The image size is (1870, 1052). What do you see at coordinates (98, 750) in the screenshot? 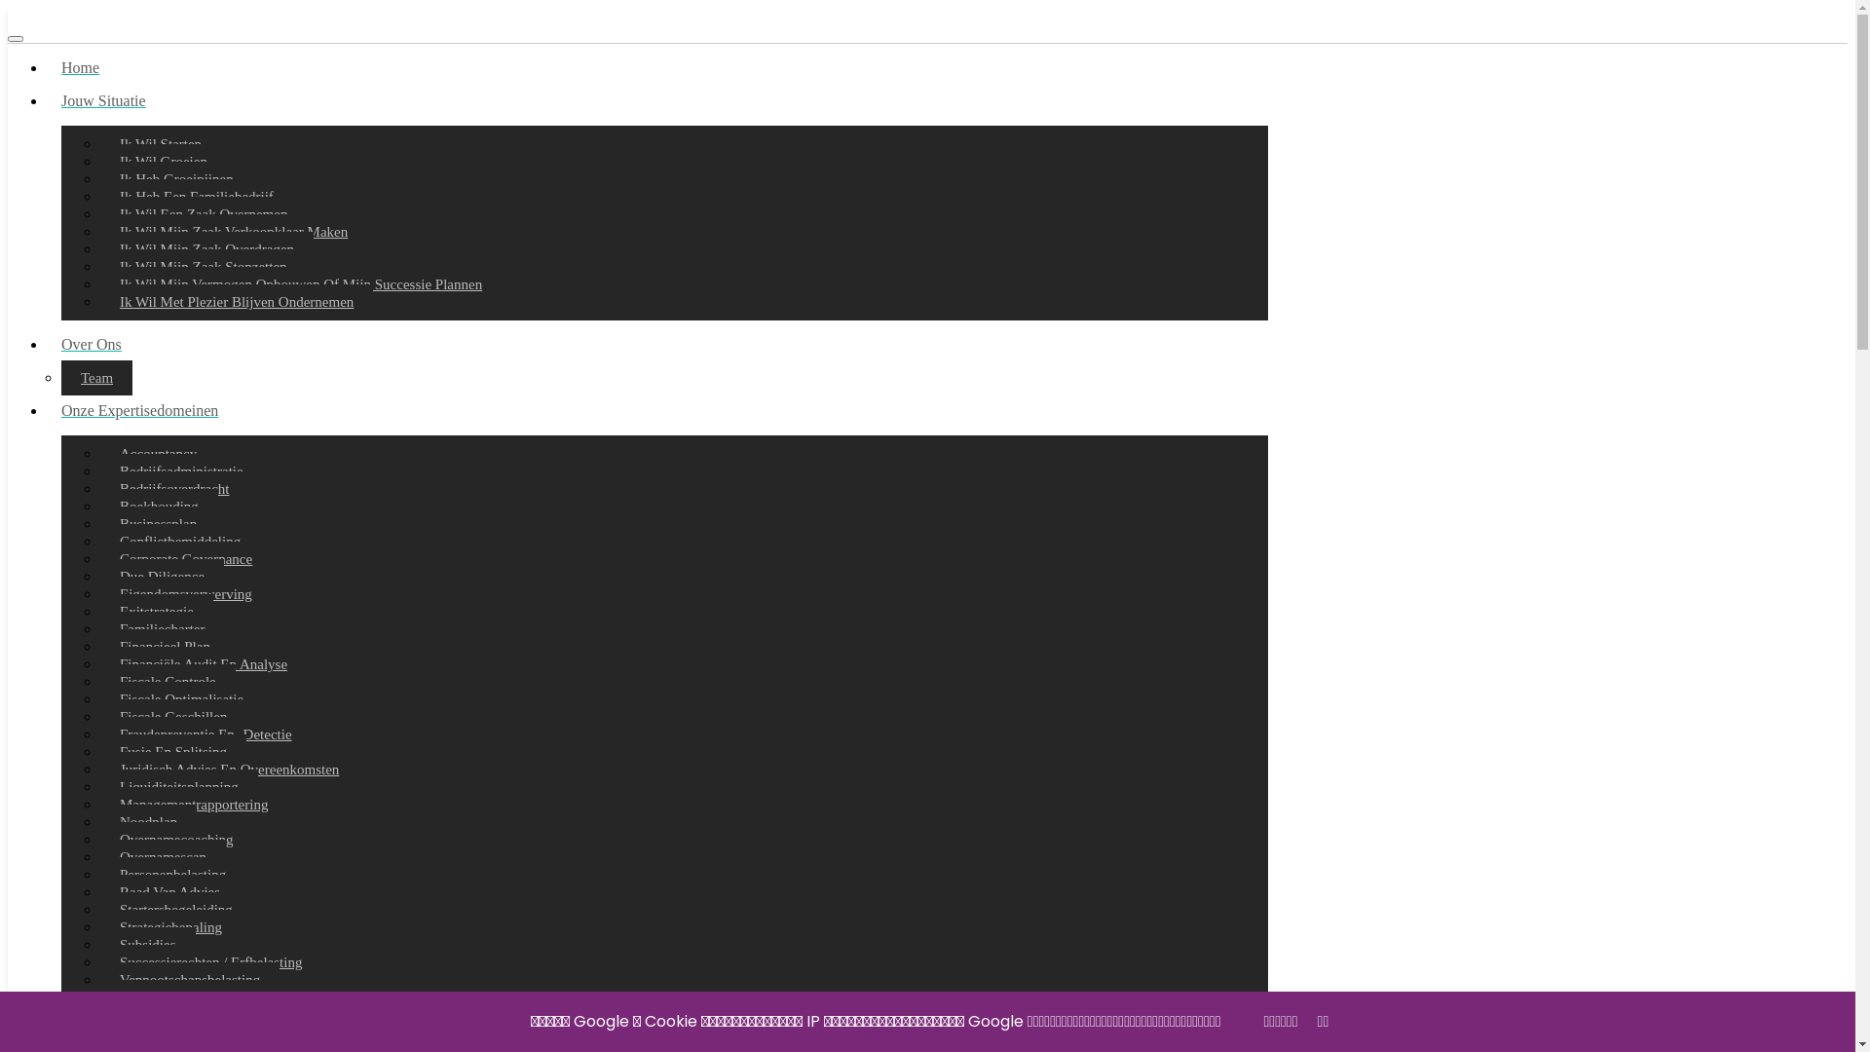
I see `'Fusie En Splitsing'` at bounding box center [98, 750].